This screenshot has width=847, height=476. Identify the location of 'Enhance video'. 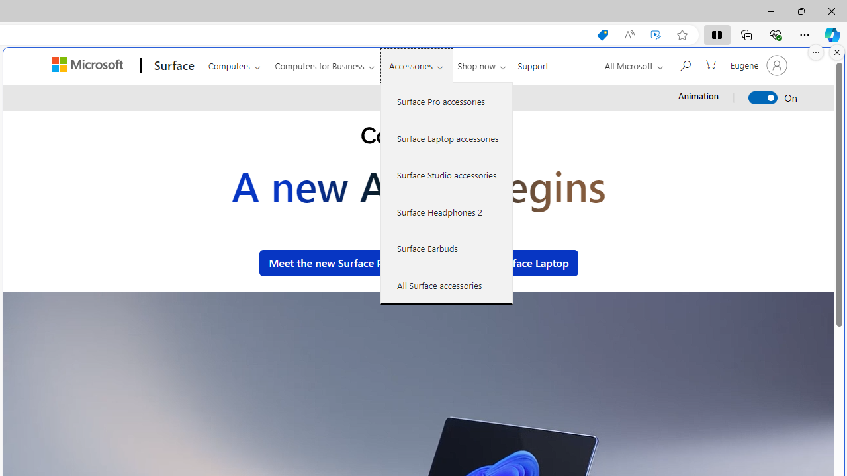
(656, 34).